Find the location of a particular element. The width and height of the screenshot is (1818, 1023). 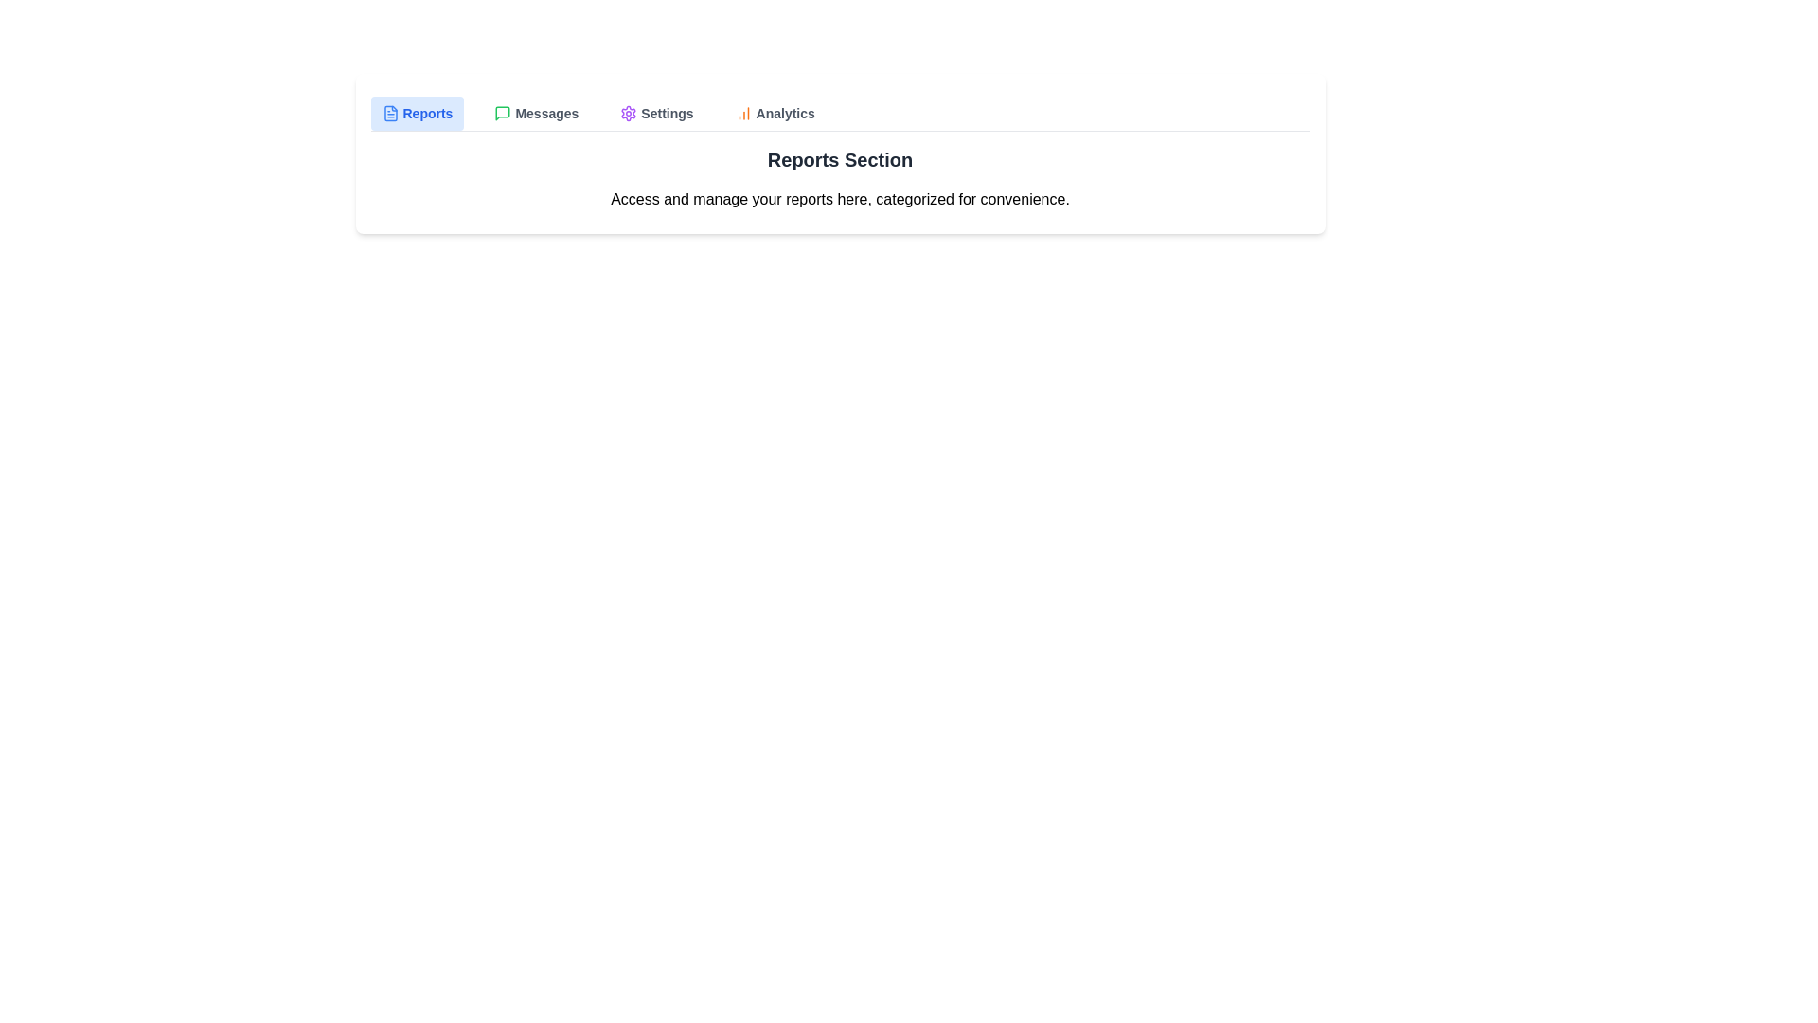

the messaging icon located in the navigation bar, which is positioned to the right of the 'Reports' button and to the left of the 'Settings' icon is located at coordinates (503, 113).